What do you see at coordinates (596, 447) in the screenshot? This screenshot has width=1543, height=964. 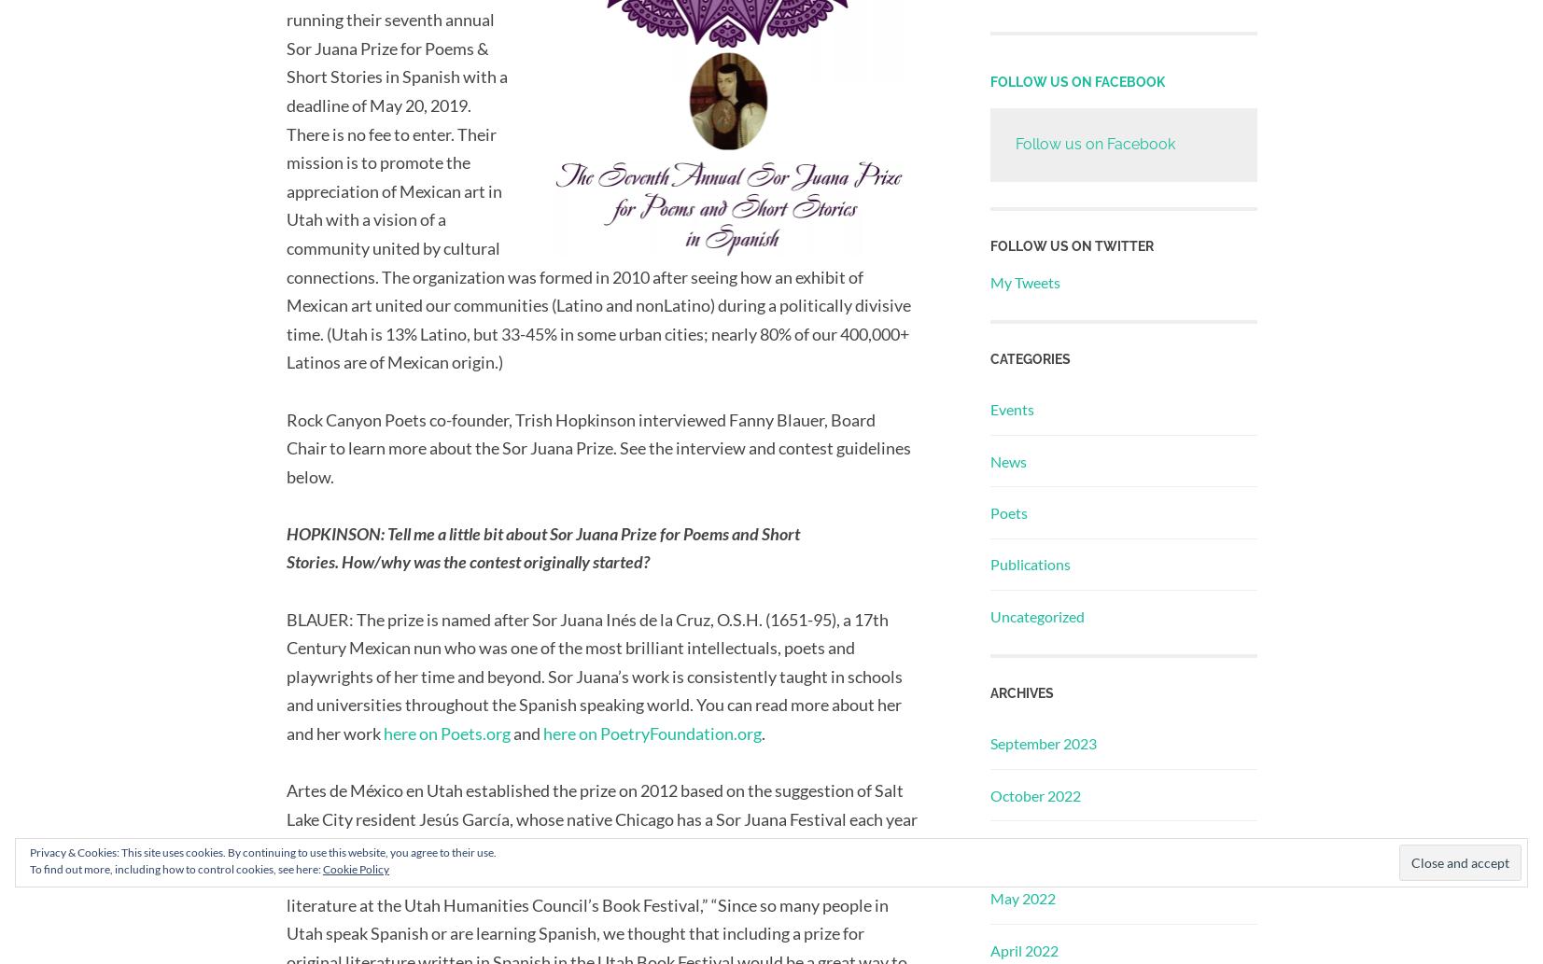 I see `'Rock Canyon Poets co-founder, Trish Hopkinson interviewed Fanny Blauer, Board Chair to learn more about the Sor Juana Prize. See the interview and contest guidelines below.'` at bounding box center [596, 447].